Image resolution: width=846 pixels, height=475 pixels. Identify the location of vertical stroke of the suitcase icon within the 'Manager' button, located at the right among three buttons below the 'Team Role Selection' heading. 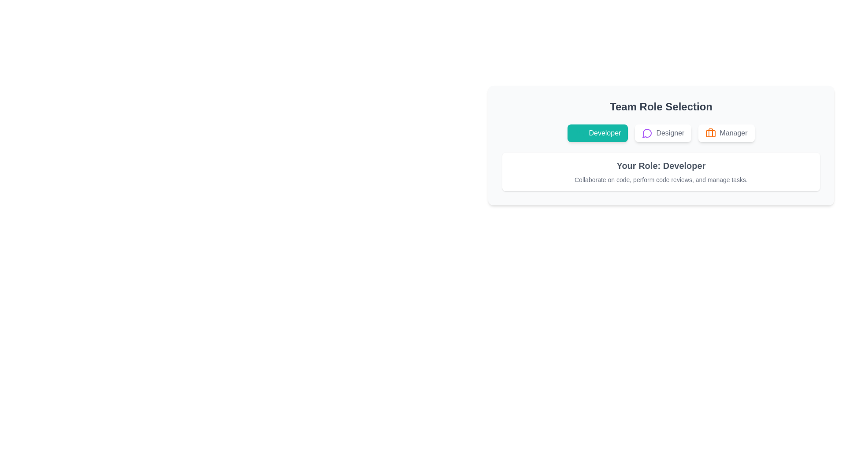
(711, 132).